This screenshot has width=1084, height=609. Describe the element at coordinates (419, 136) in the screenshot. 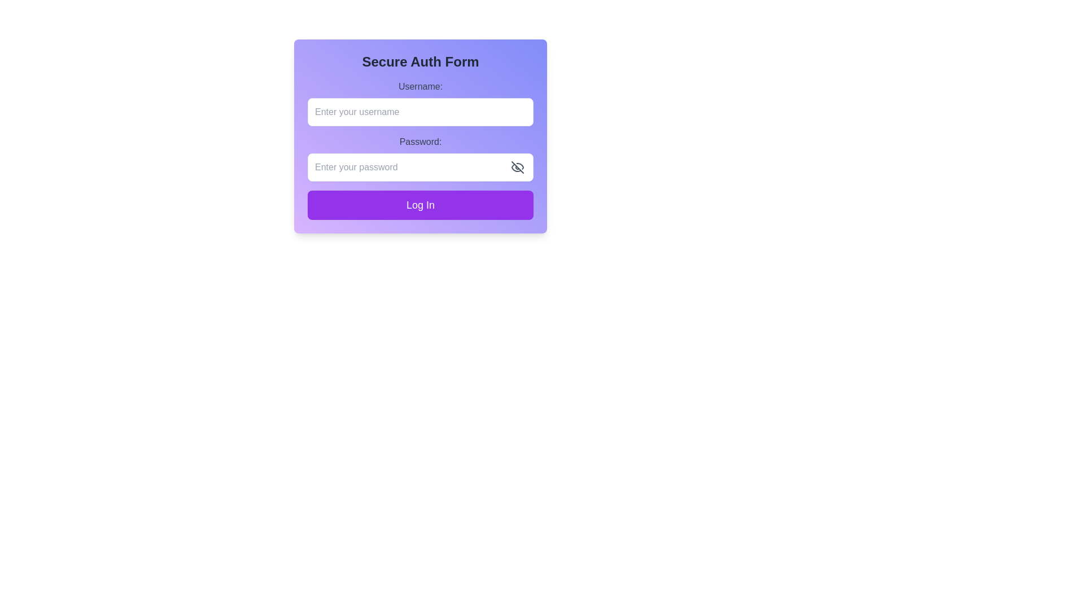

I see `the input fields within the 'Secure Auth Form' modal to focus them and type the username and password` at that location.